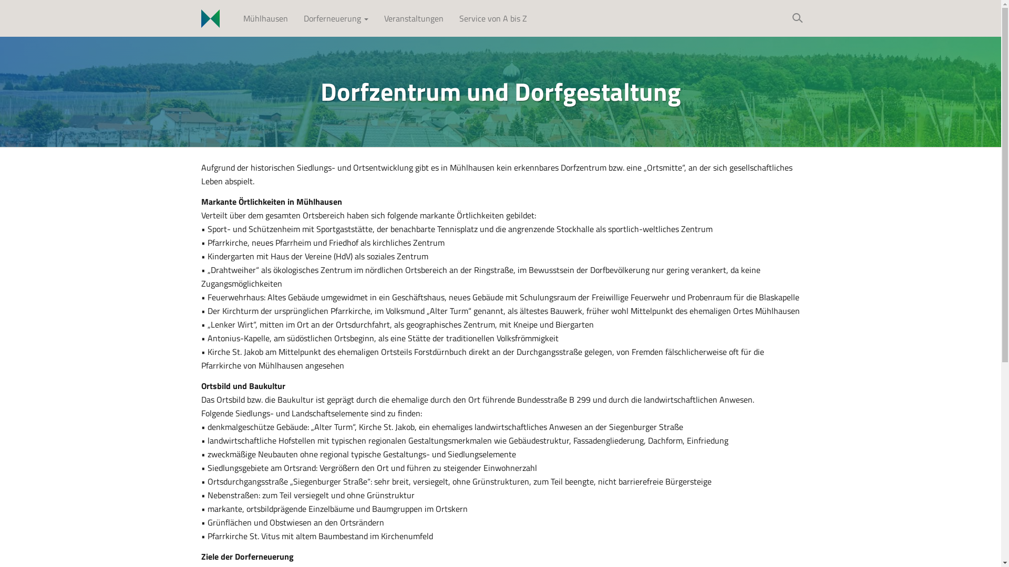  What do you see at coordinates (492, 18) in the screenshot?
I see `'Service von A bis Z'` at bounding box center [492, 18].